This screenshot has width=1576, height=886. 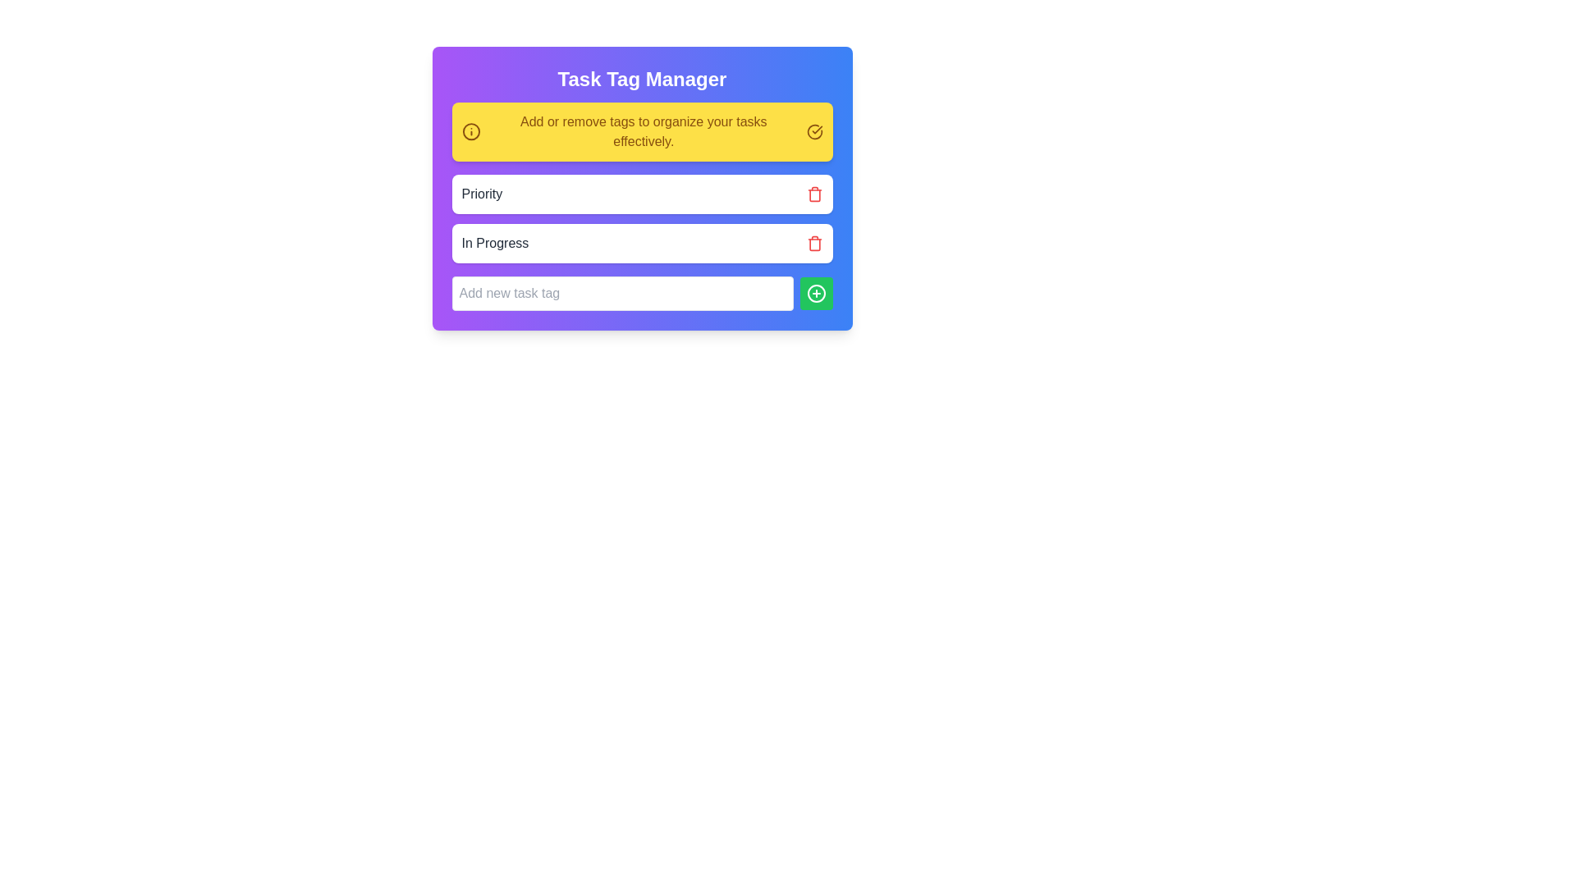 I want to click on the circular checkmark icon located at the top-right corner of the yellow notification area, so click(x=814, y=131).